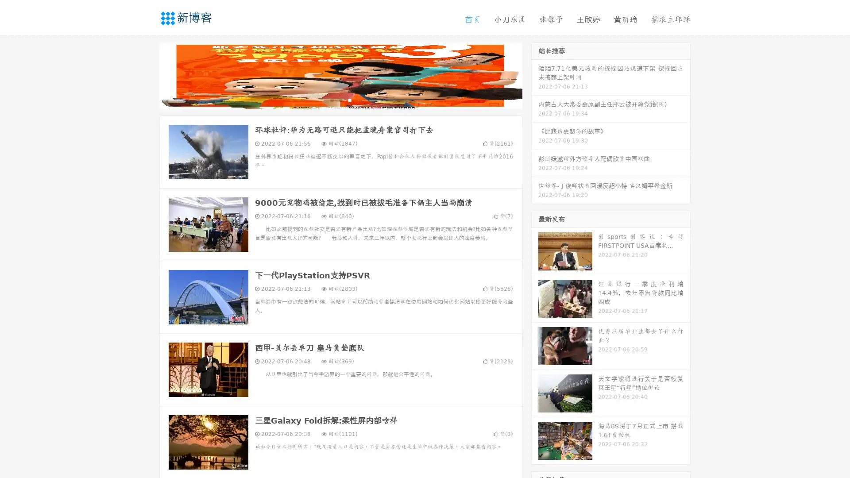  What do you see at coordinates (146, 74) in the screenshot?
I see `Previous slide` at bounding box center [146, 74].